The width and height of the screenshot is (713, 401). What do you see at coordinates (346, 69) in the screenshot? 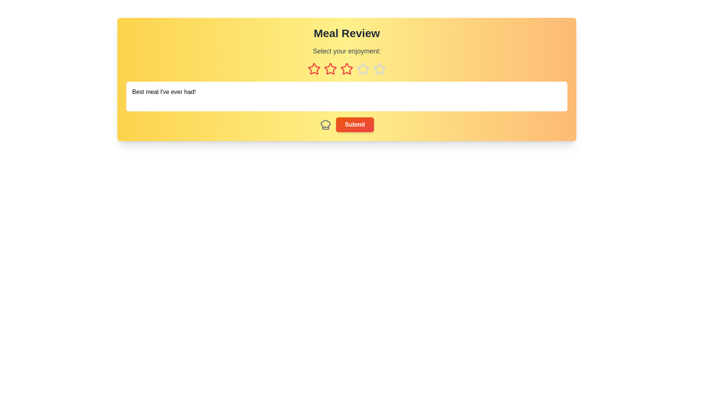
I see `the third red star icon in the rating system` at bounding box center [346, 69].